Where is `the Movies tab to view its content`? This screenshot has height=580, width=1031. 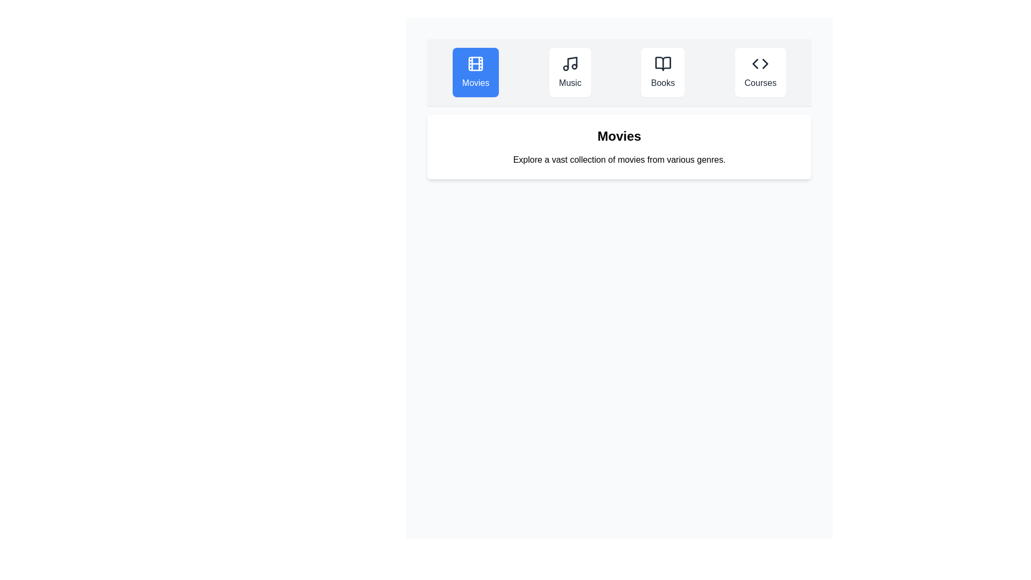
the Movies tab to view its content is located at coordinates (475, 73).